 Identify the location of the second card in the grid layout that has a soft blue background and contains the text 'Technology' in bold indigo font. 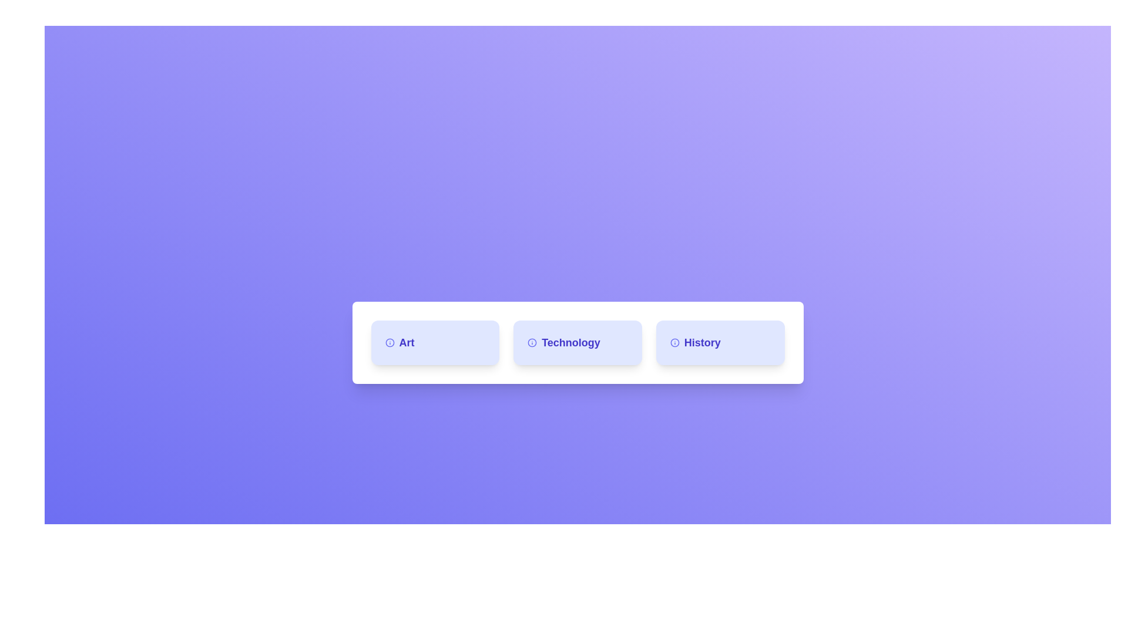
(578, 342).